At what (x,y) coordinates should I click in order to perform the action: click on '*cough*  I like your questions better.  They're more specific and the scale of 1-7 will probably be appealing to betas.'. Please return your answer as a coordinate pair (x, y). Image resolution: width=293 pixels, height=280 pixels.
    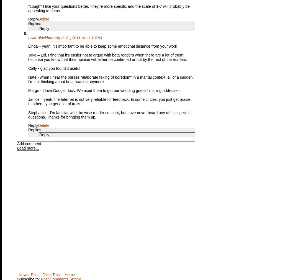
    Looking at the image, I should click on (109, 8).